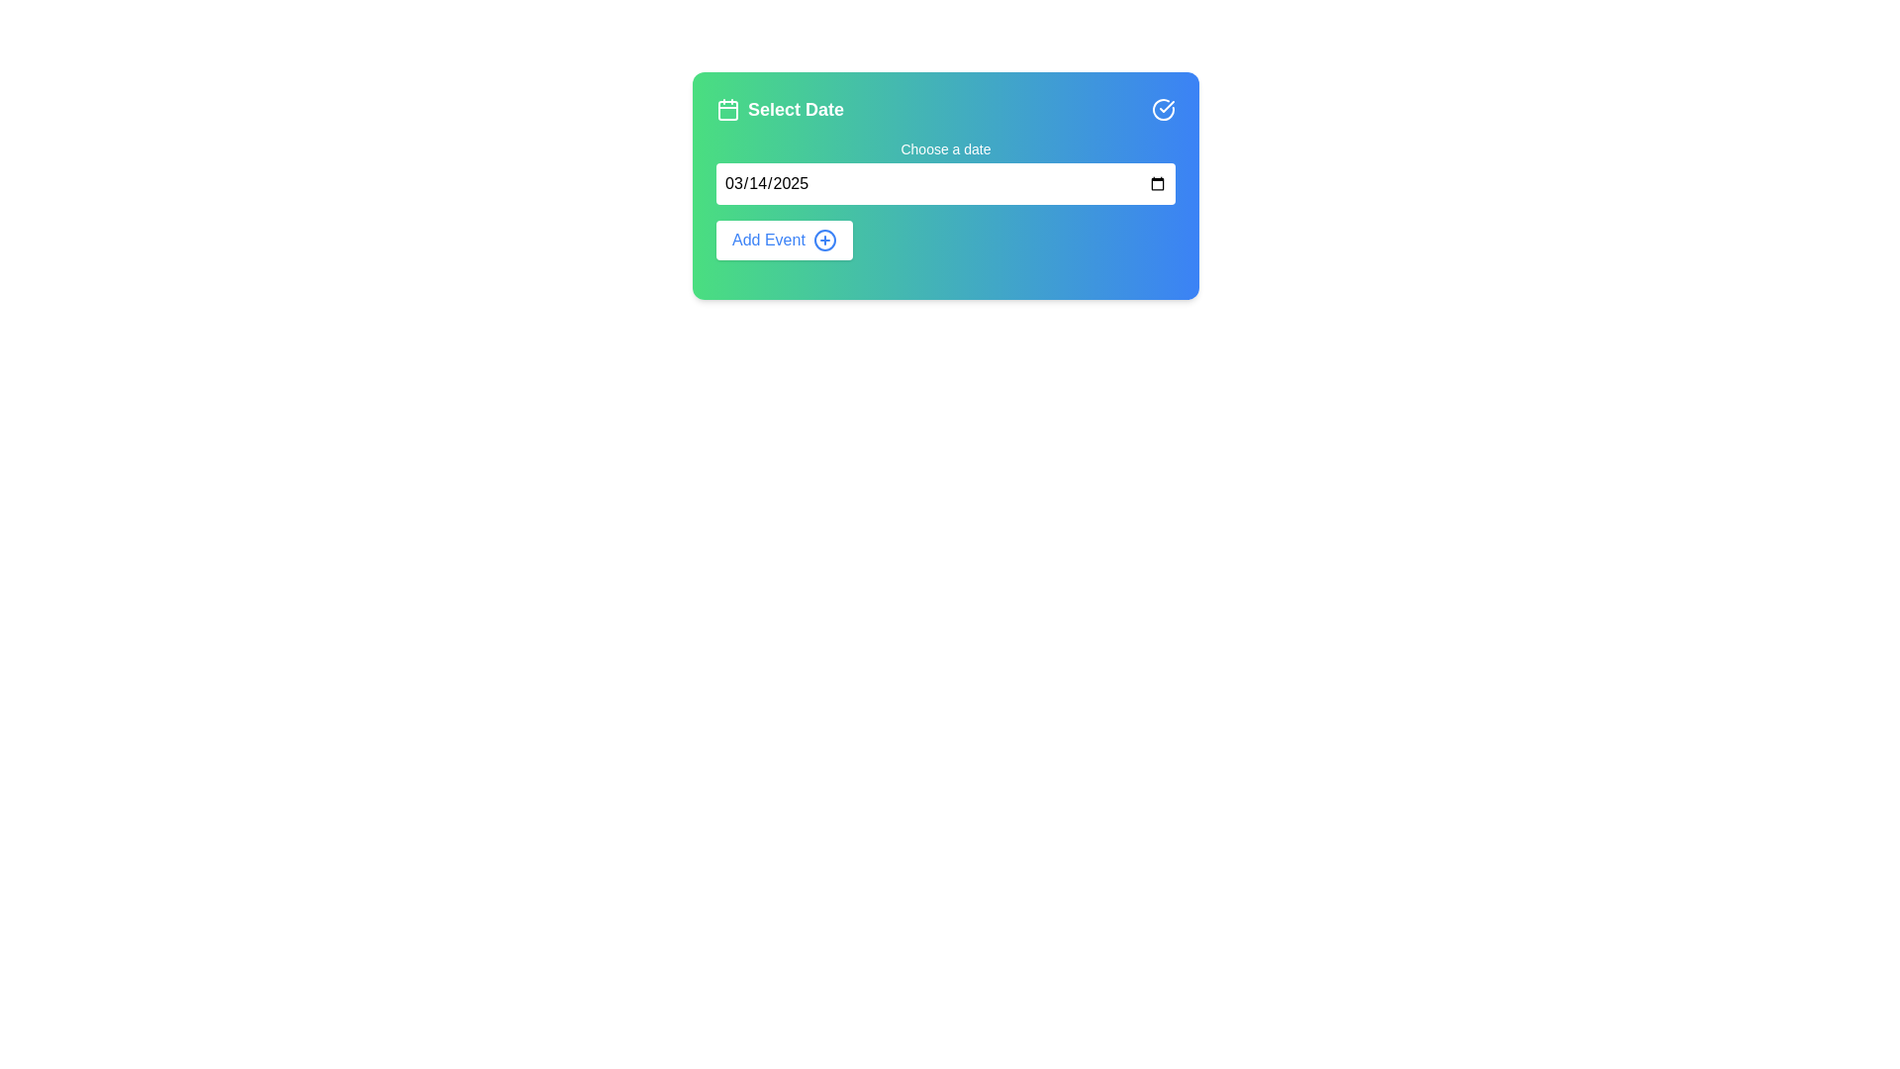 The height and width of the screenshot is (1069, 1900). I want to click on the circular icon with a checkmark symbol located at the top-right corner of the 'Select Date' section, adjacent to the calendar input, so click(1164, 110).